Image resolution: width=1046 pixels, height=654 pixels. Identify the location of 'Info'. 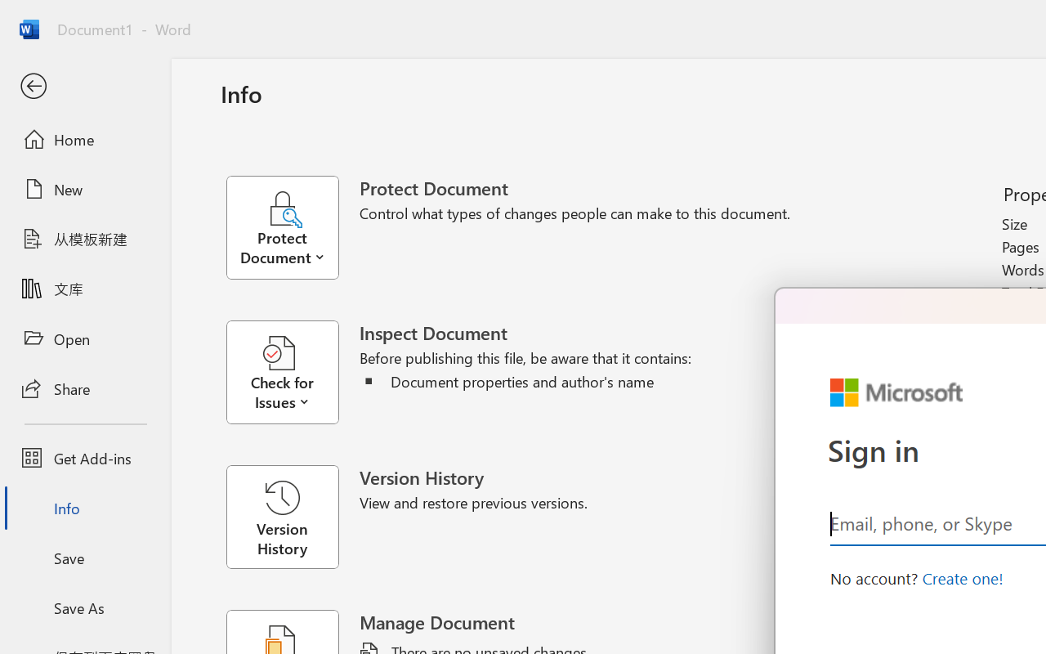
(84, 508).